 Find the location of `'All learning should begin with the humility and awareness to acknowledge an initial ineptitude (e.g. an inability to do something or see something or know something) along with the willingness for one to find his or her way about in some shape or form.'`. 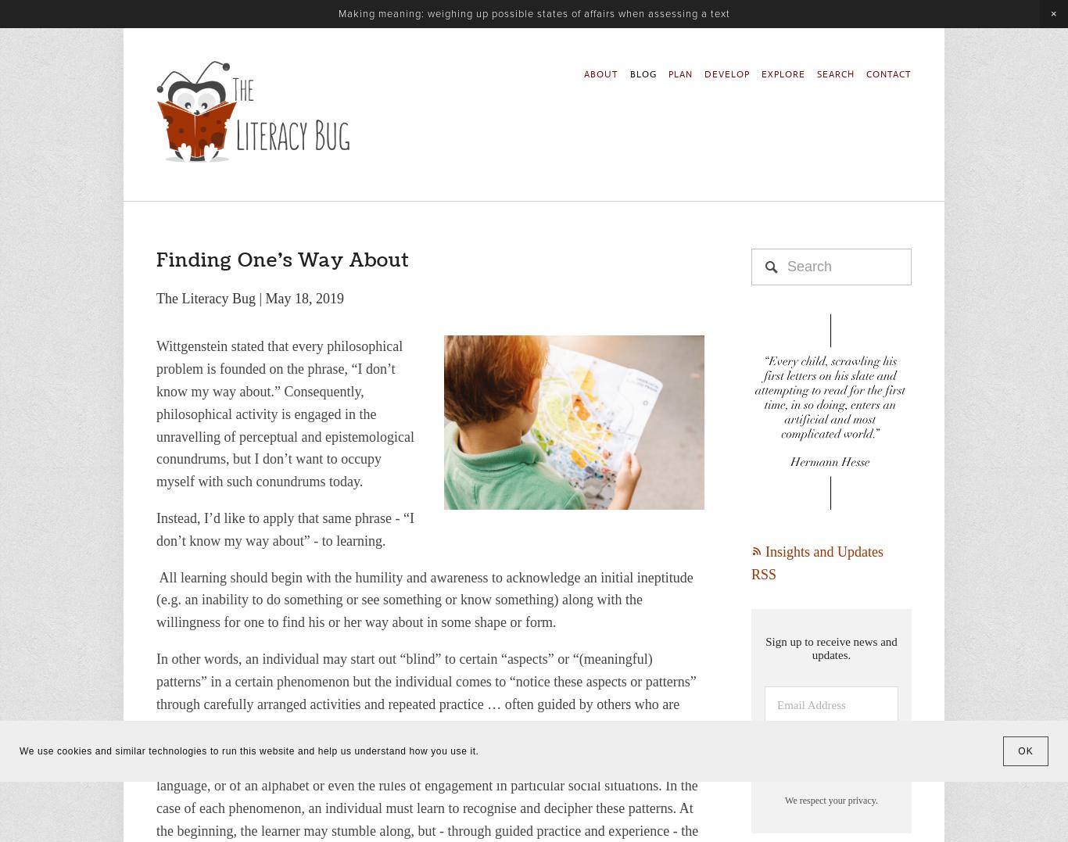

'All learning should begin with the humility and awareness to acknowledge an initial ineptitude (e.g. an inability to do something or see something or know something) along with the willingness for one to find his or her way about in some shape or form.' is located at coordinates (426, 599).